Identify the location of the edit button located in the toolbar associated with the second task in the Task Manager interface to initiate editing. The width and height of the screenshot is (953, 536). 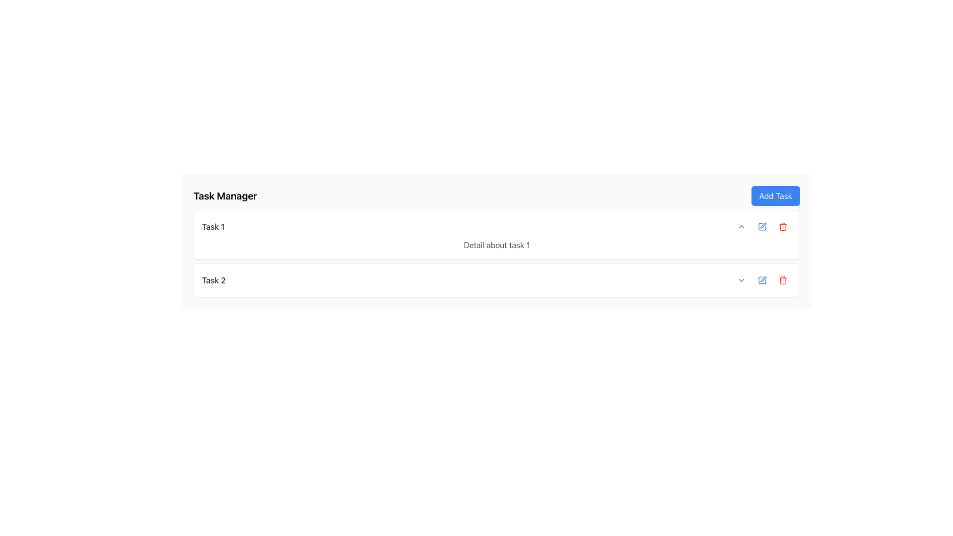
(762, 280).